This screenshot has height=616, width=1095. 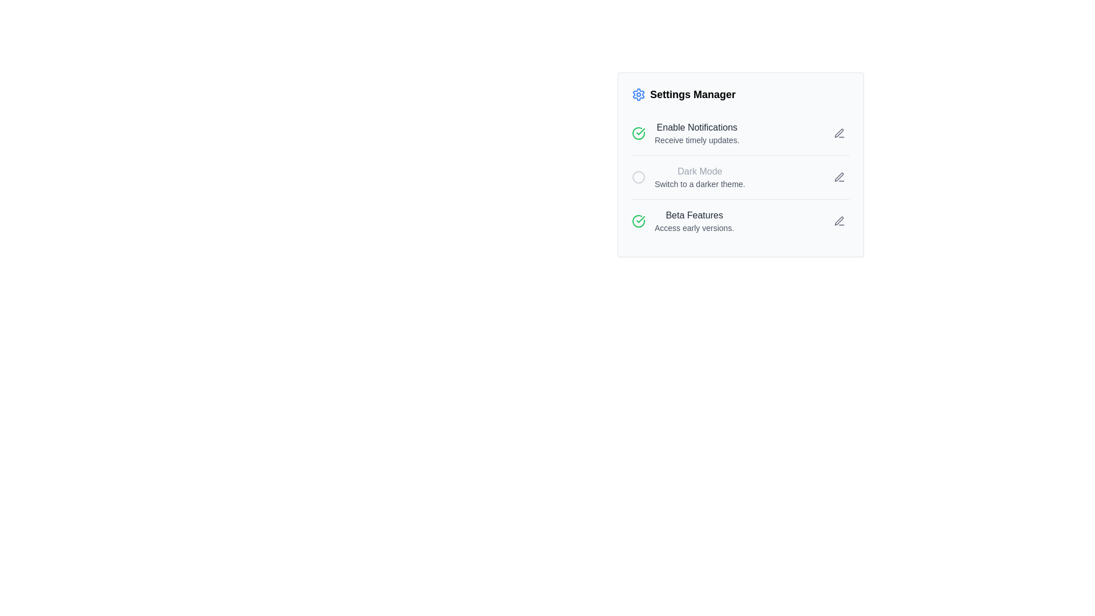 I want to click on the checkbox located to the left of the 'Enable Notifications' text, so click(x=638, y=133).